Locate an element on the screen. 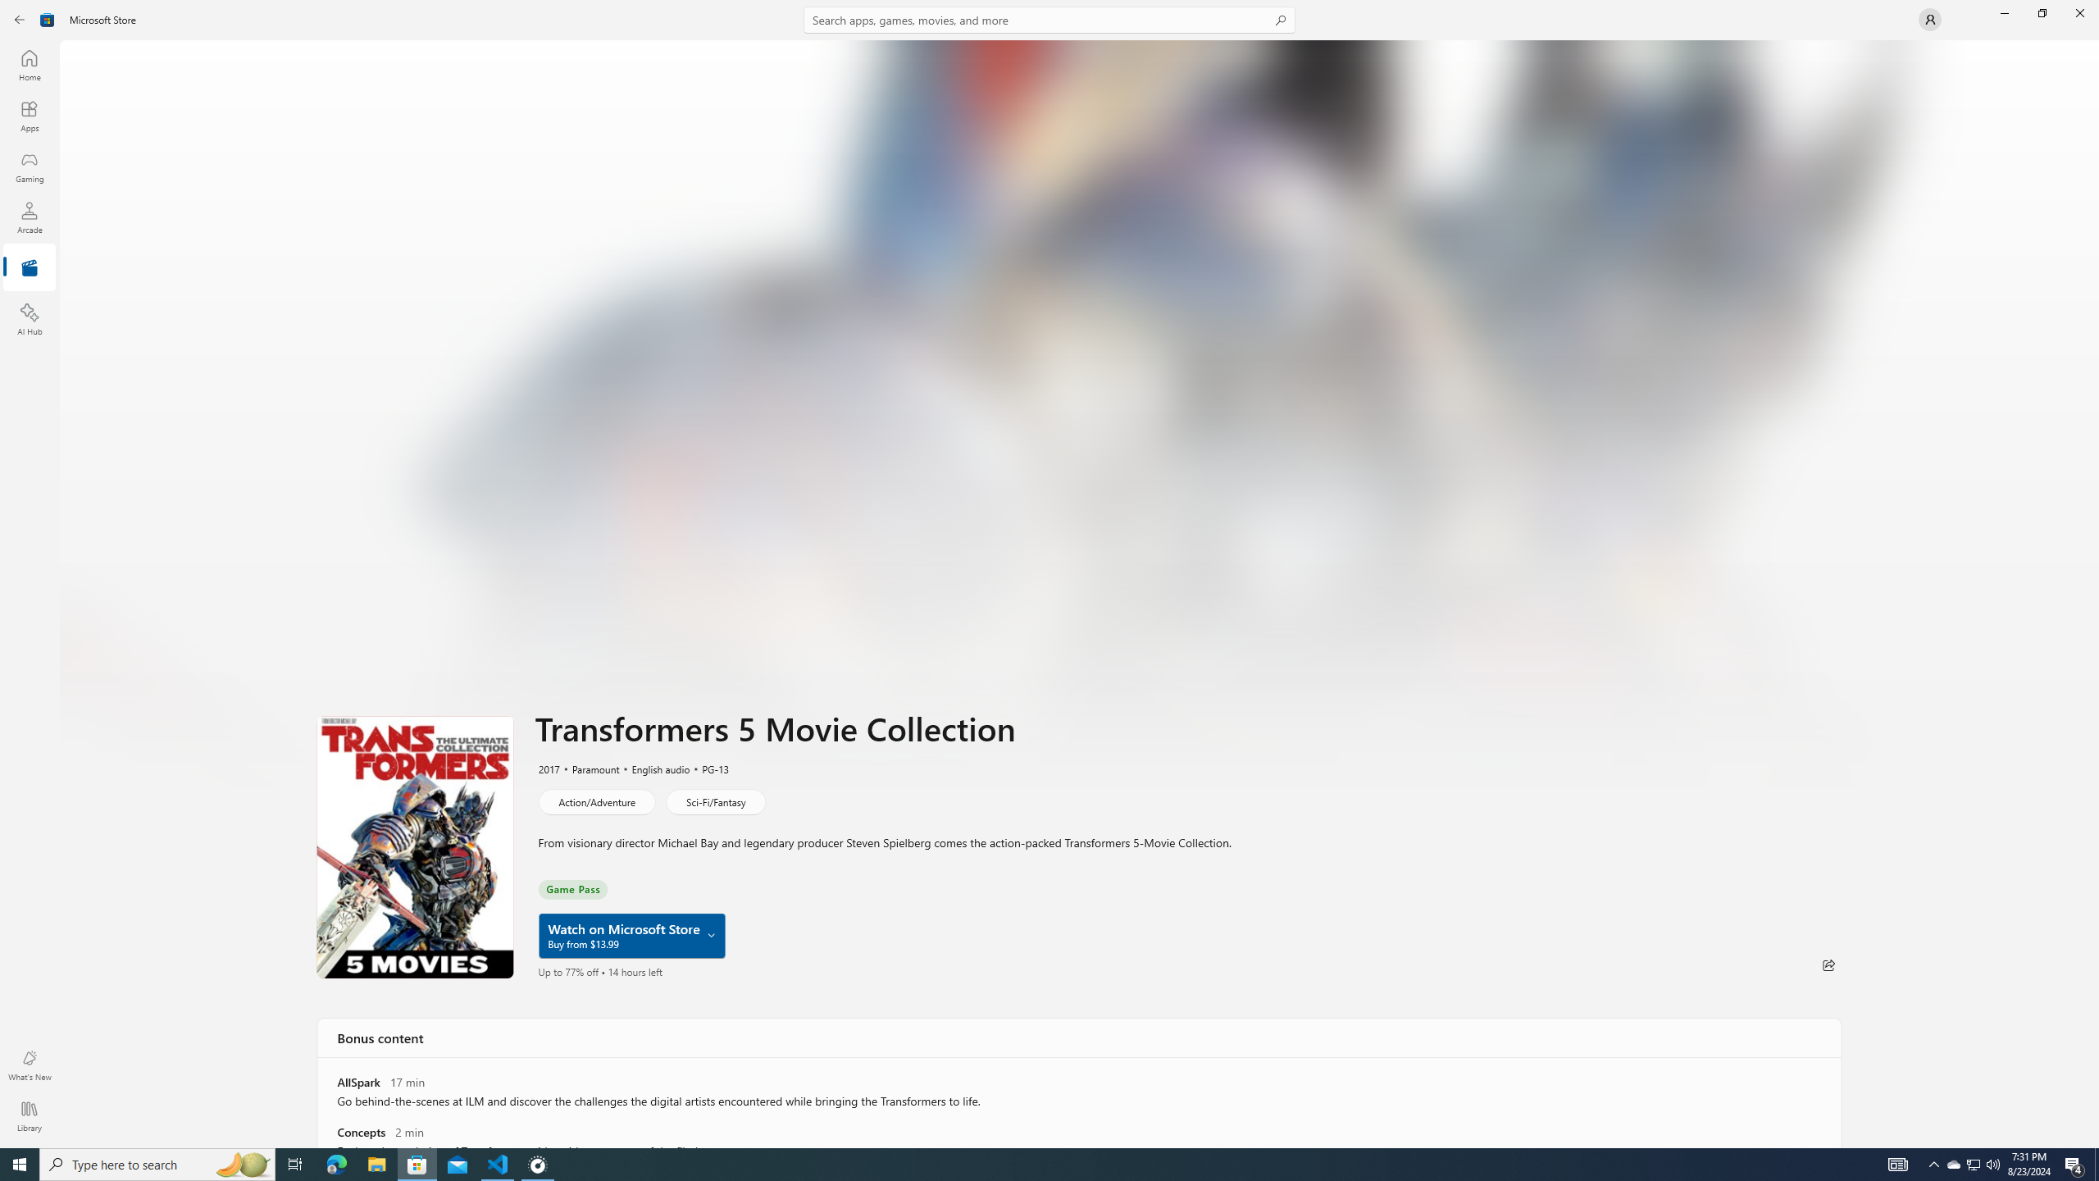  'Share' is located at coordinates (1828, 964).